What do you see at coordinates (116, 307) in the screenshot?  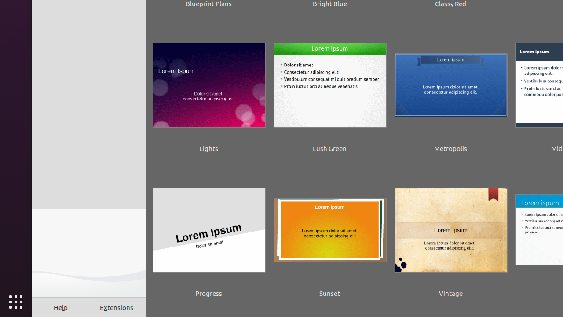 I see `'Extensions'` at bounding box center [116, 307].